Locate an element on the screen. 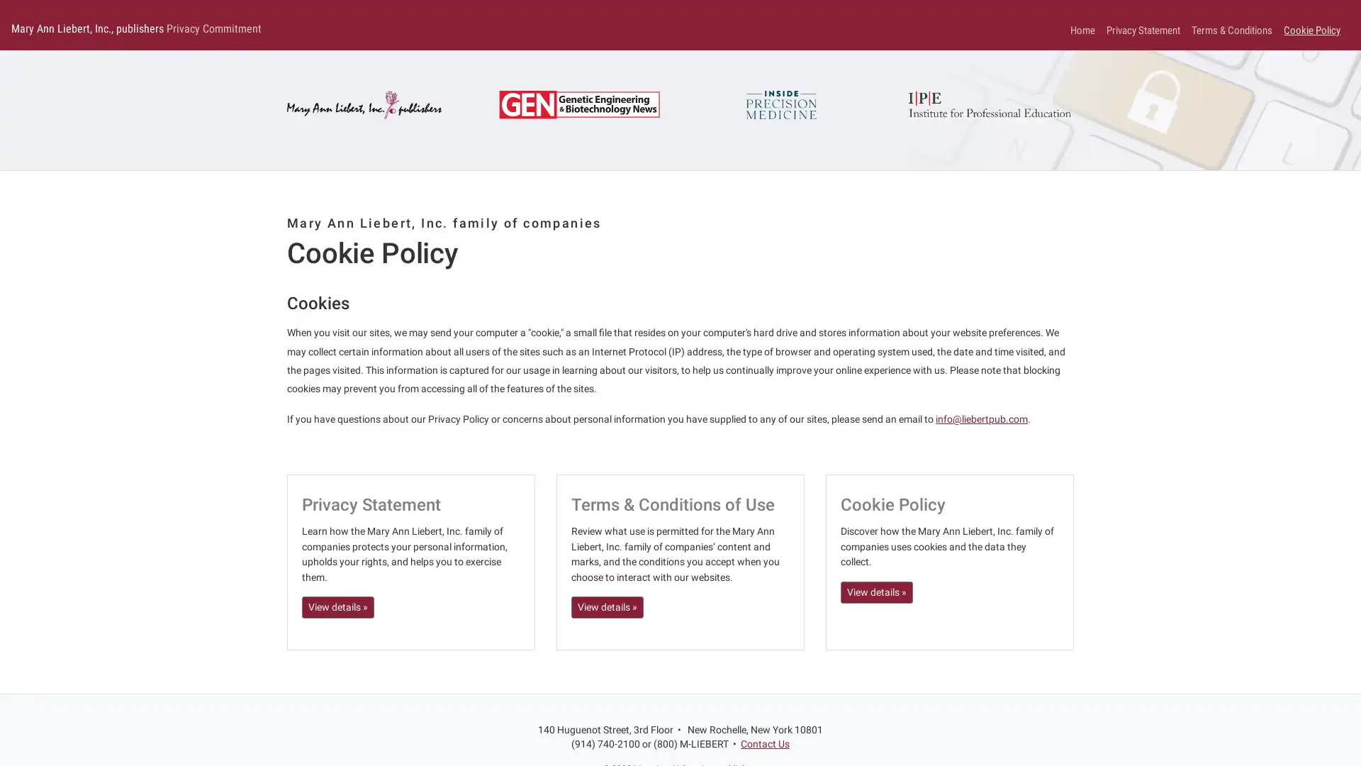  View details is located at coordinates (876, 592).